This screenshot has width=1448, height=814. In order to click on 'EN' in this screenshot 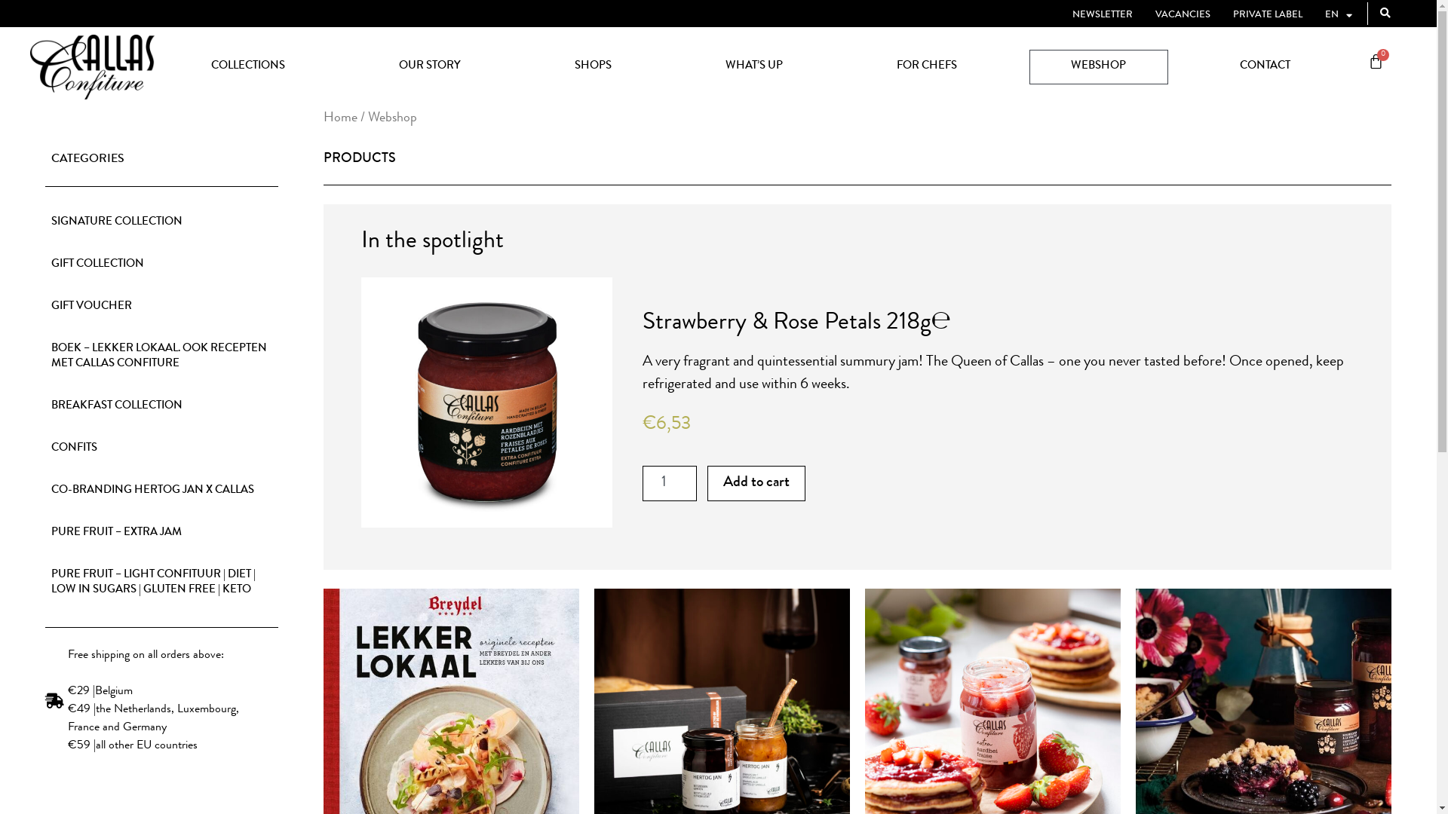, I will do `click(1324, 15)`.